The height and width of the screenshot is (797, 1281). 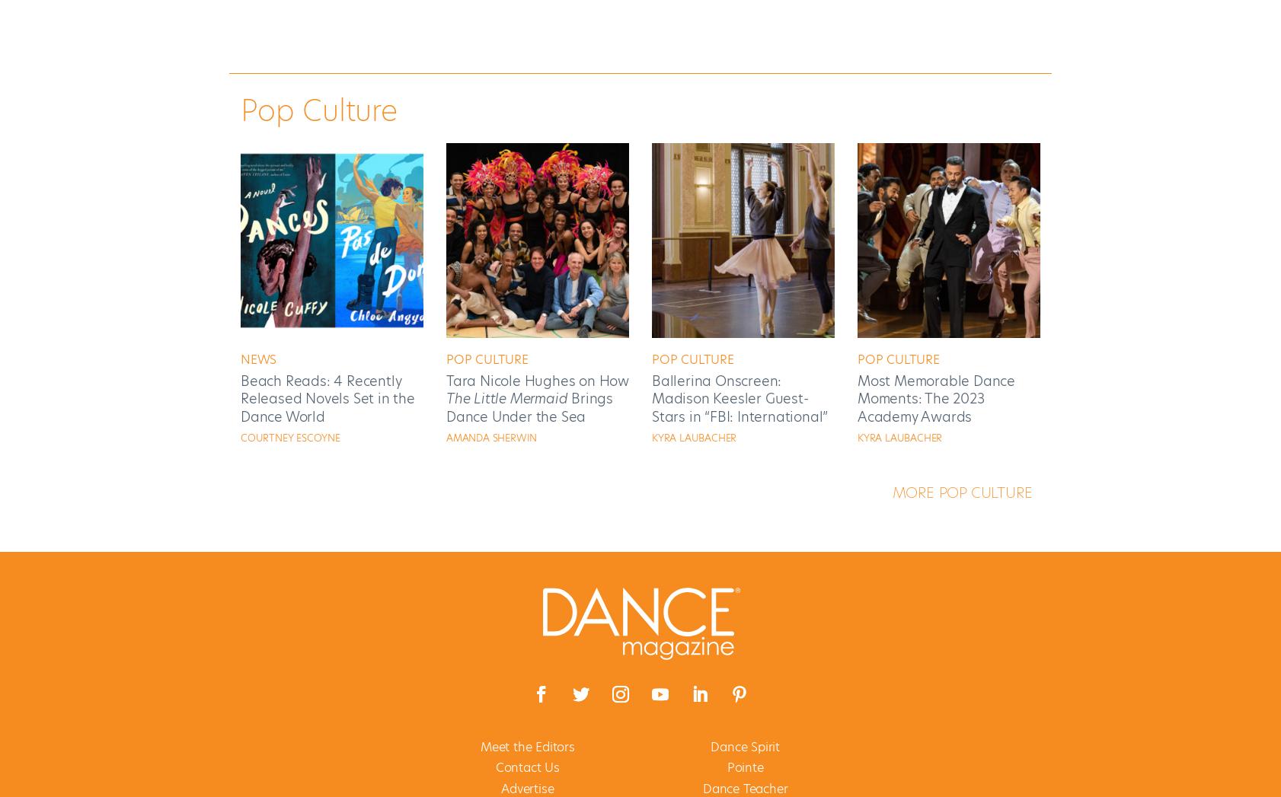 What do you see at coordinates (491, 437) in the screenshot?
I see `'Amanda Sherwin'` at bounding box center [491, 437].